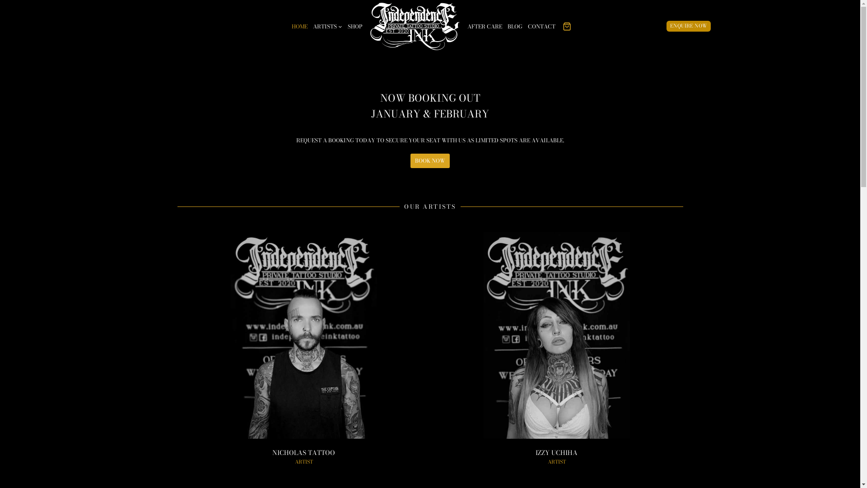  Describe the element at coordinates (354, 25) in the screenshot. I see `'SHOP'` at that location.